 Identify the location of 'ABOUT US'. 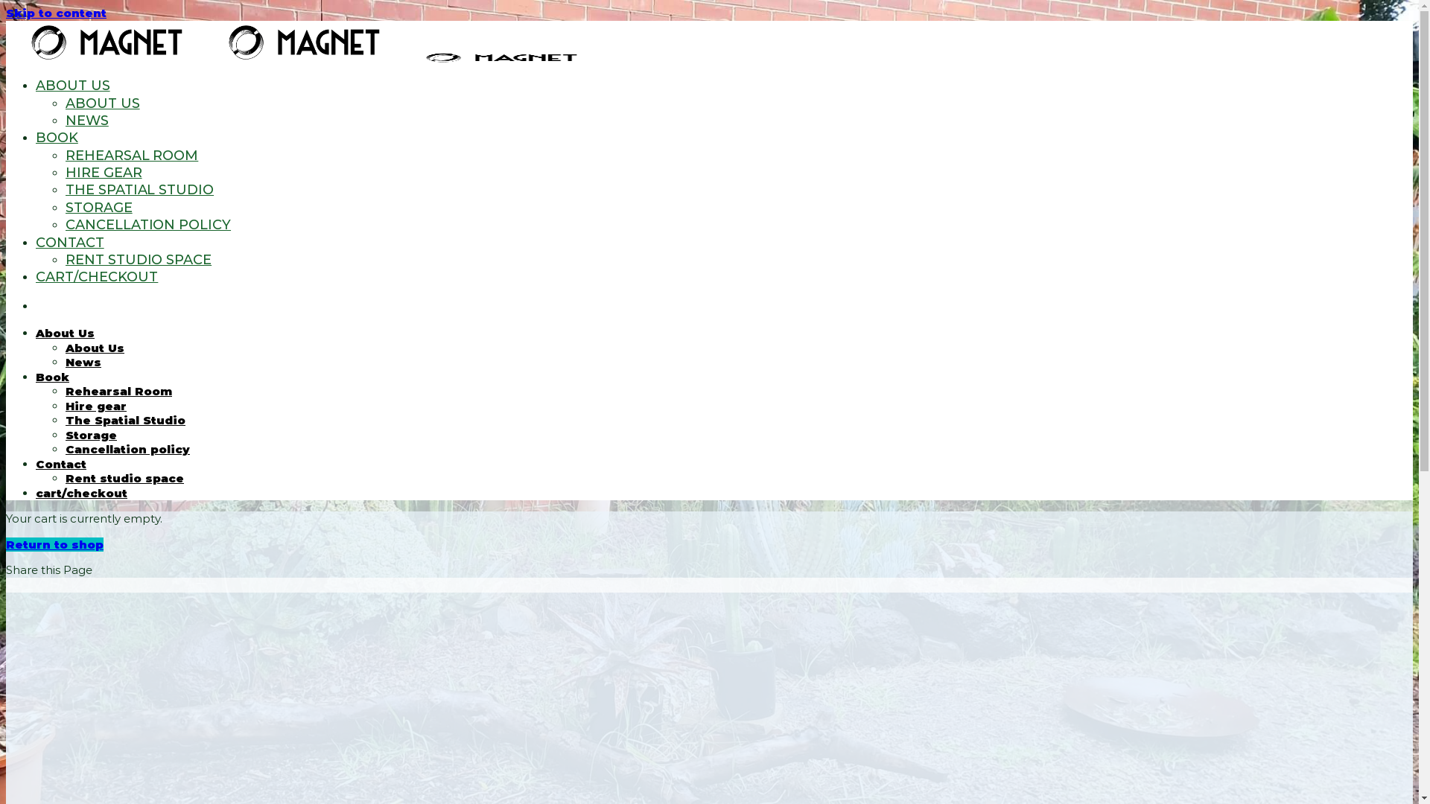
(36, 86).